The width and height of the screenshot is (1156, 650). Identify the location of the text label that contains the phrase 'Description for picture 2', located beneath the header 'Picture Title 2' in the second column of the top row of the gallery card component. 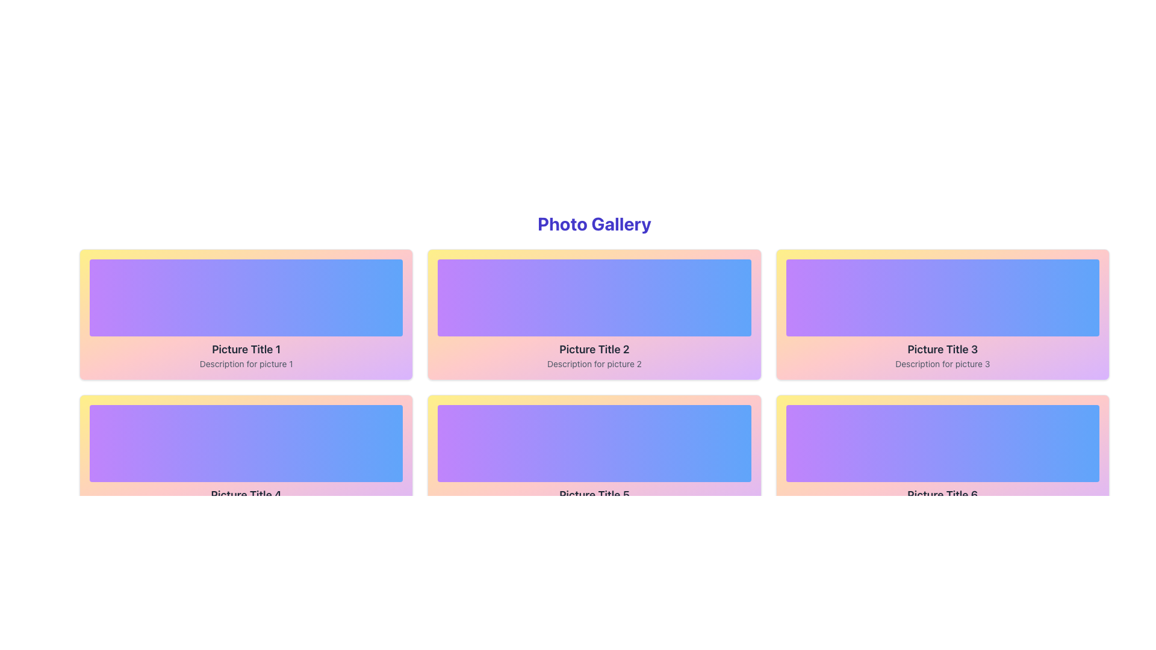
(594, 364).